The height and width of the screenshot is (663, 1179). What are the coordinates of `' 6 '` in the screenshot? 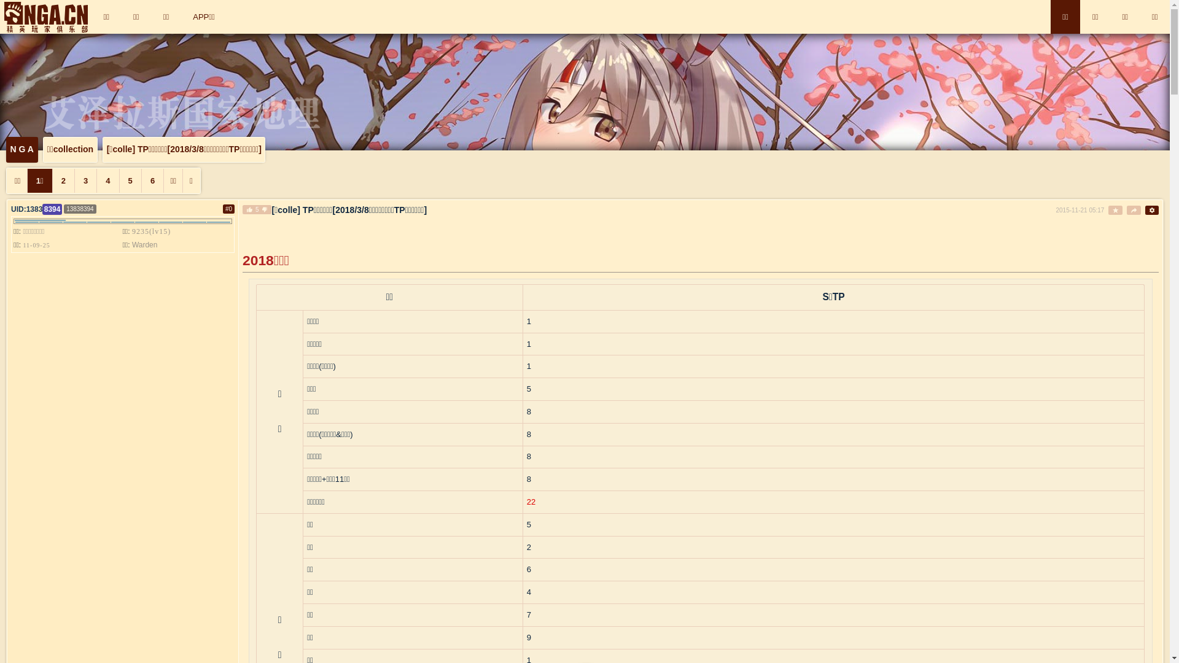 It's located at (152, 180).